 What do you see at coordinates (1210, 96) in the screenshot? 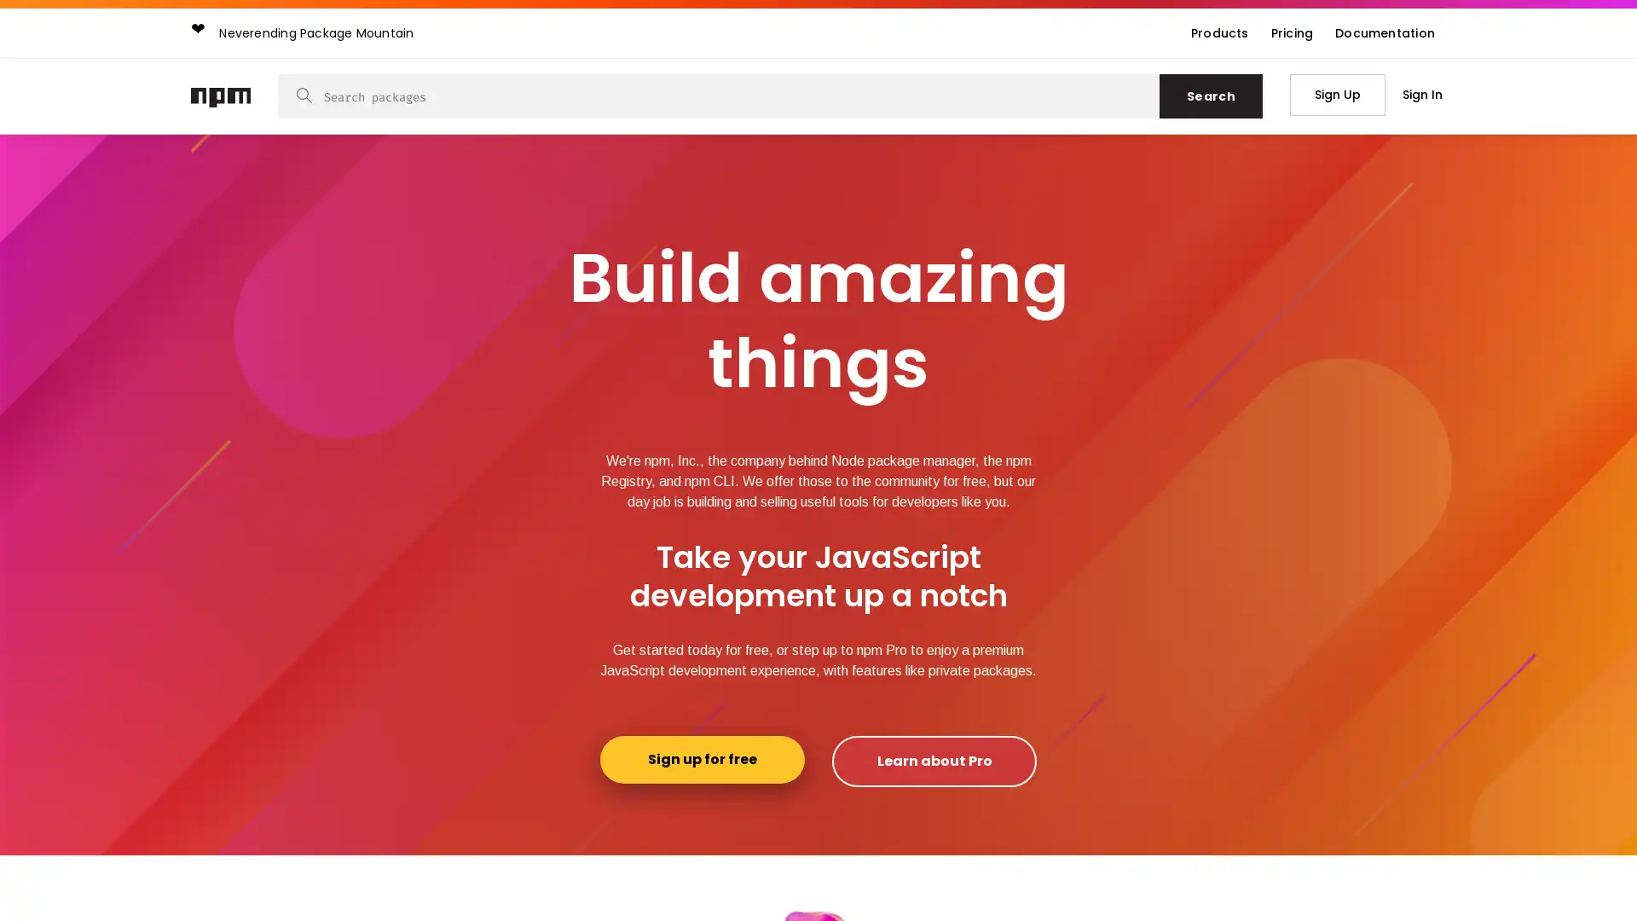
I see `Search` at bounding box center [1210, 96].